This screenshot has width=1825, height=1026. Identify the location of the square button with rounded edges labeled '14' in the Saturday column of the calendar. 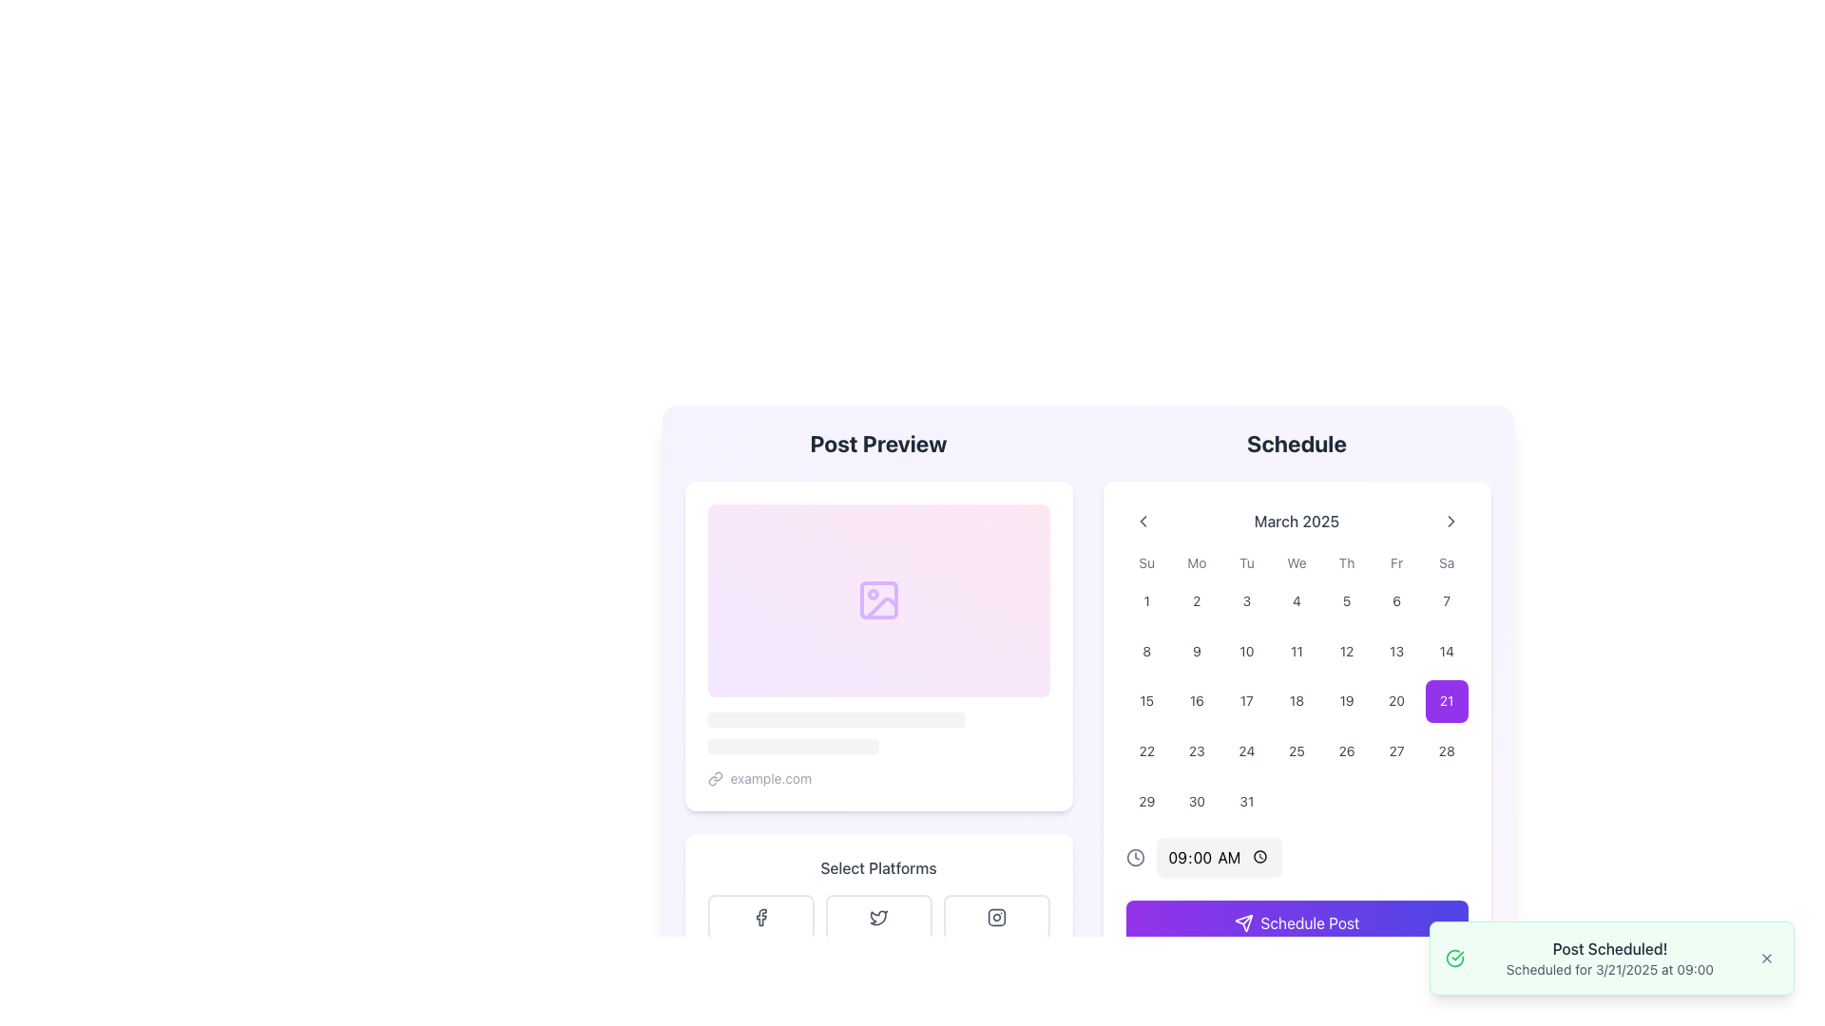
(1446, 650).